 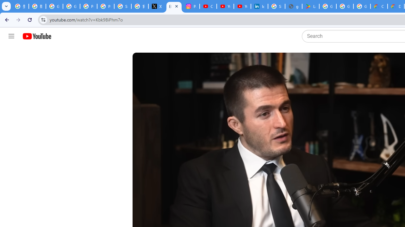 I want to click on 'Sign in - Google Accounts', so click(x=277, y=6).